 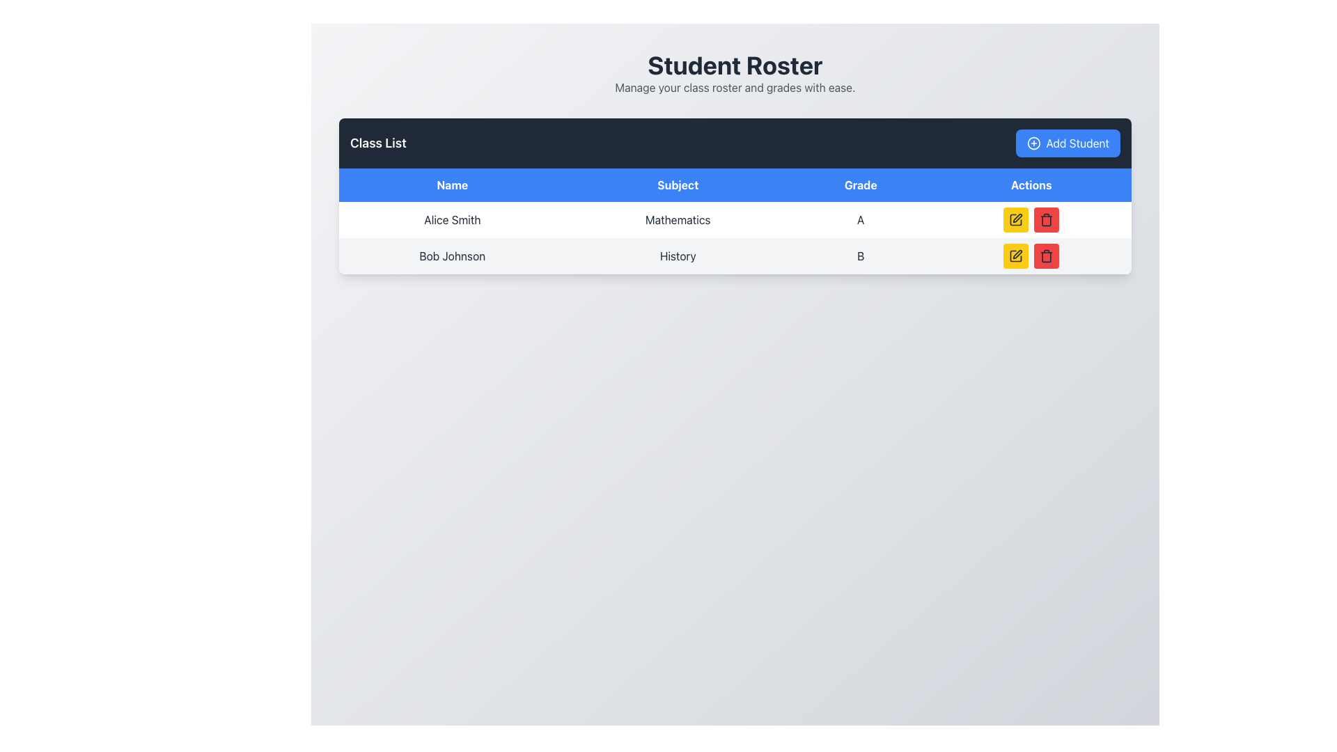 What do you see at coordinates (1017, 254) in the screenshot?
I see `the pen-shaped vector graphic icon located within the yellow rectangular button in the second row of the table under the 'Actions' column` at bounding box center [1017, 254].